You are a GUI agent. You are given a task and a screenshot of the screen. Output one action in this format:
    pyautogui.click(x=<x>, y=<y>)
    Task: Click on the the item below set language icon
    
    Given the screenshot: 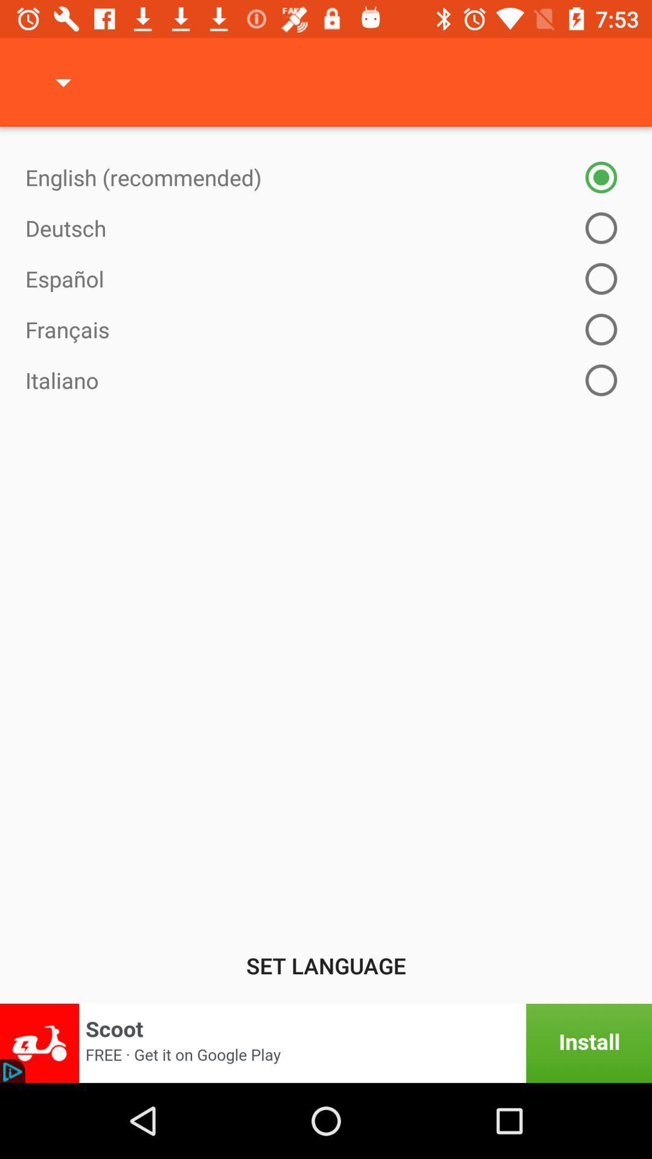 What is the action you would take?
    pyautogui.click(x=326, y=1042)
    